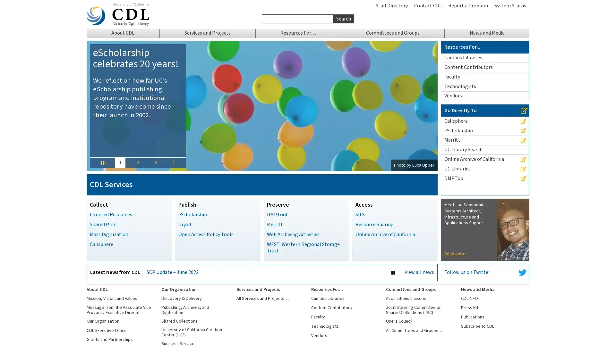  Describe the element at coordinates (137, 162) in the screenshot. I see `go to slide 2 of 4` at that location.